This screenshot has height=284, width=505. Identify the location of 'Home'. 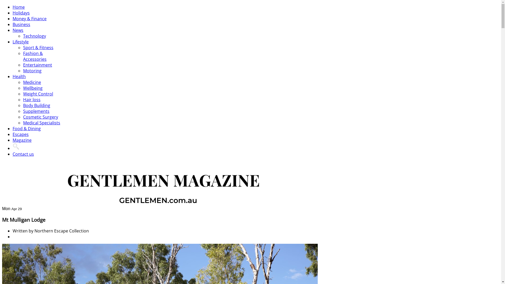
(19, 7).